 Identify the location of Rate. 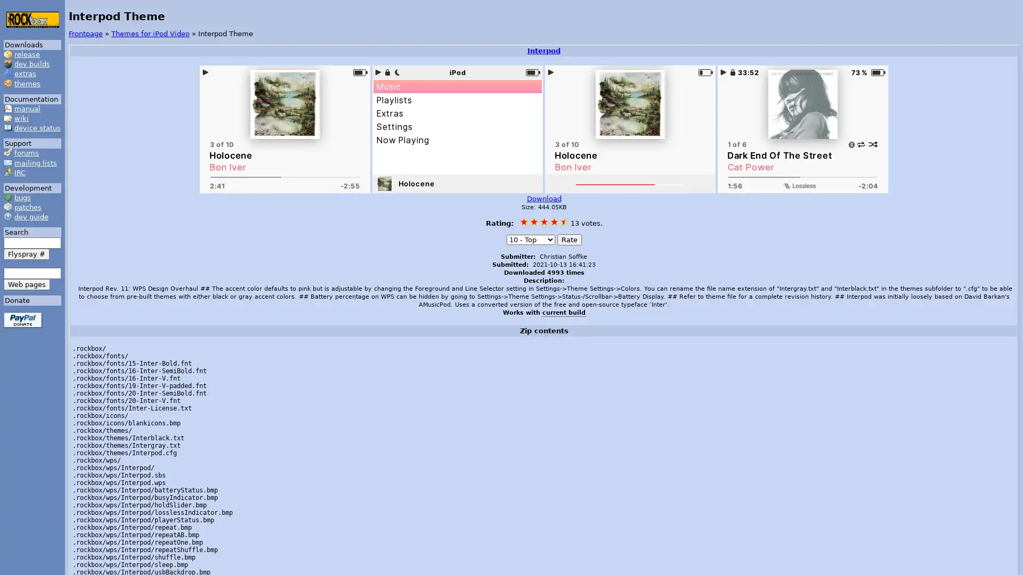
(569, 240).